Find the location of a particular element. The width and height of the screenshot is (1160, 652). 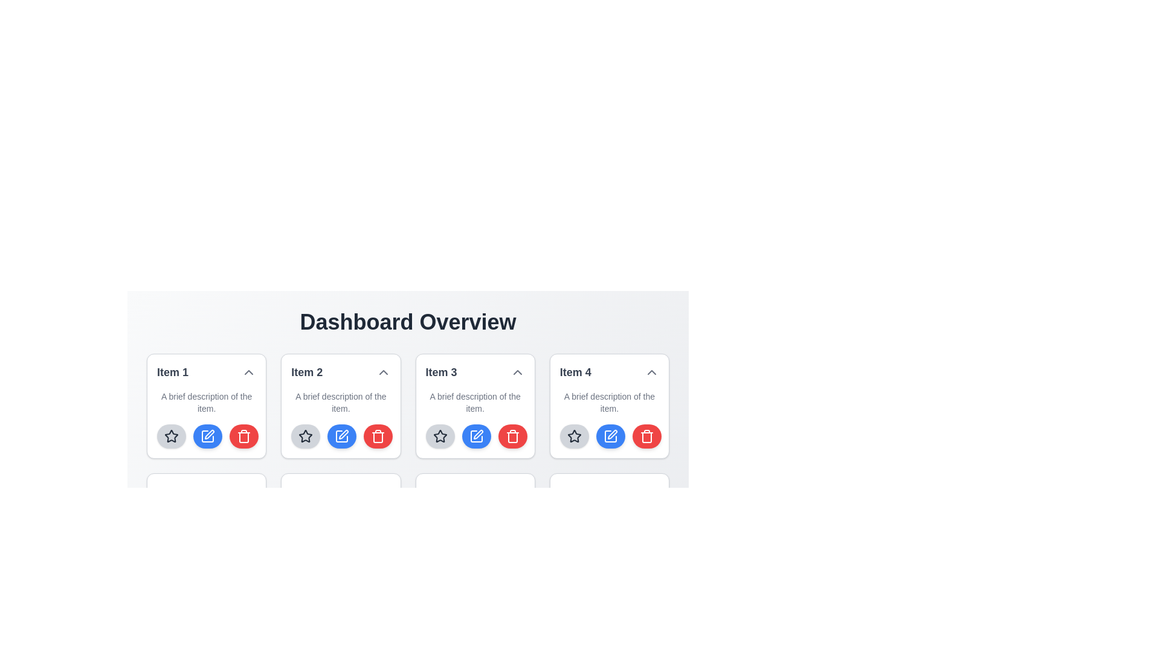

the red trash bin button located at the bottom of the card marked 'Item 4' is located at coordinates (243, 556).